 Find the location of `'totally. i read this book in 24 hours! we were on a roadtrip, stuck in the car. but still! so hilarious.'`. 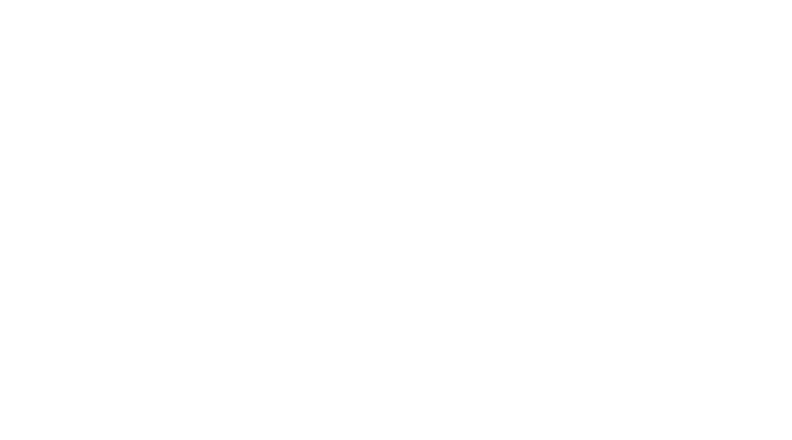

'totally. i read this book in 24 hours! we were on a roadtrip, stuck in the car. but still! so hilarious.' is located at coordinates (286, 179).